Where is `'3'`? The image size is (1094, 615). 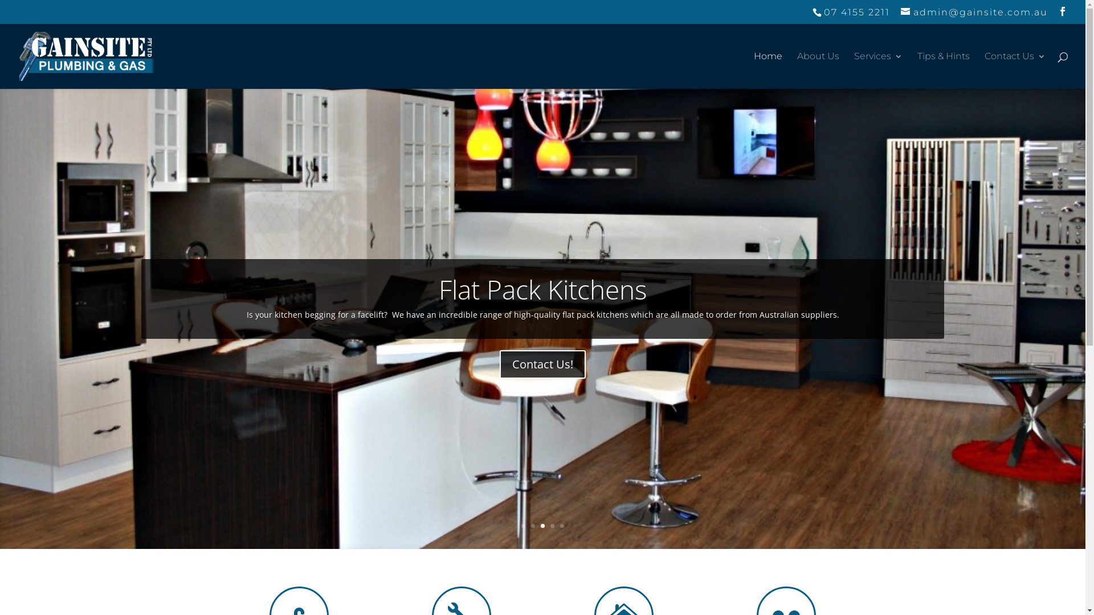
'3' is located at coordinates (542, 526).